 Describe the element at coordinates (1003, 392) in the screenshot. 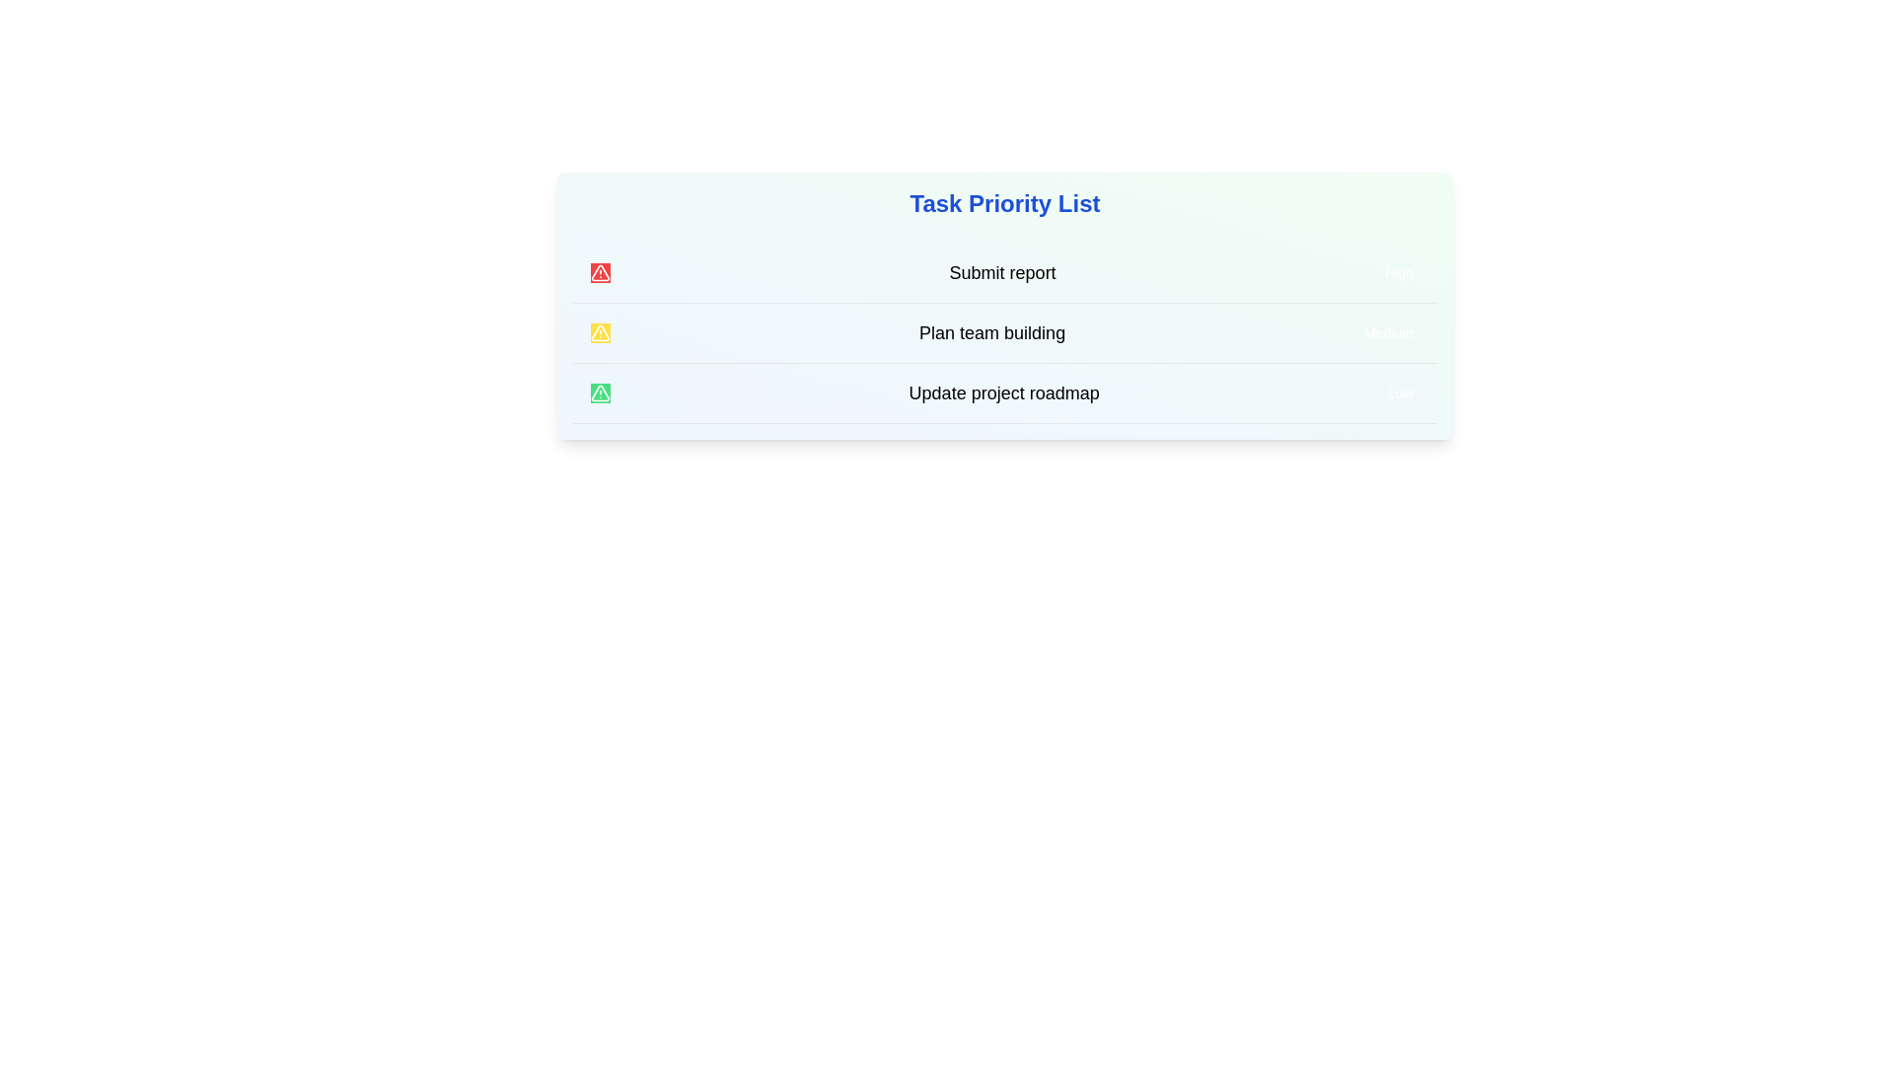

I see `the task title corresponding to Update project roadmap` at that location.